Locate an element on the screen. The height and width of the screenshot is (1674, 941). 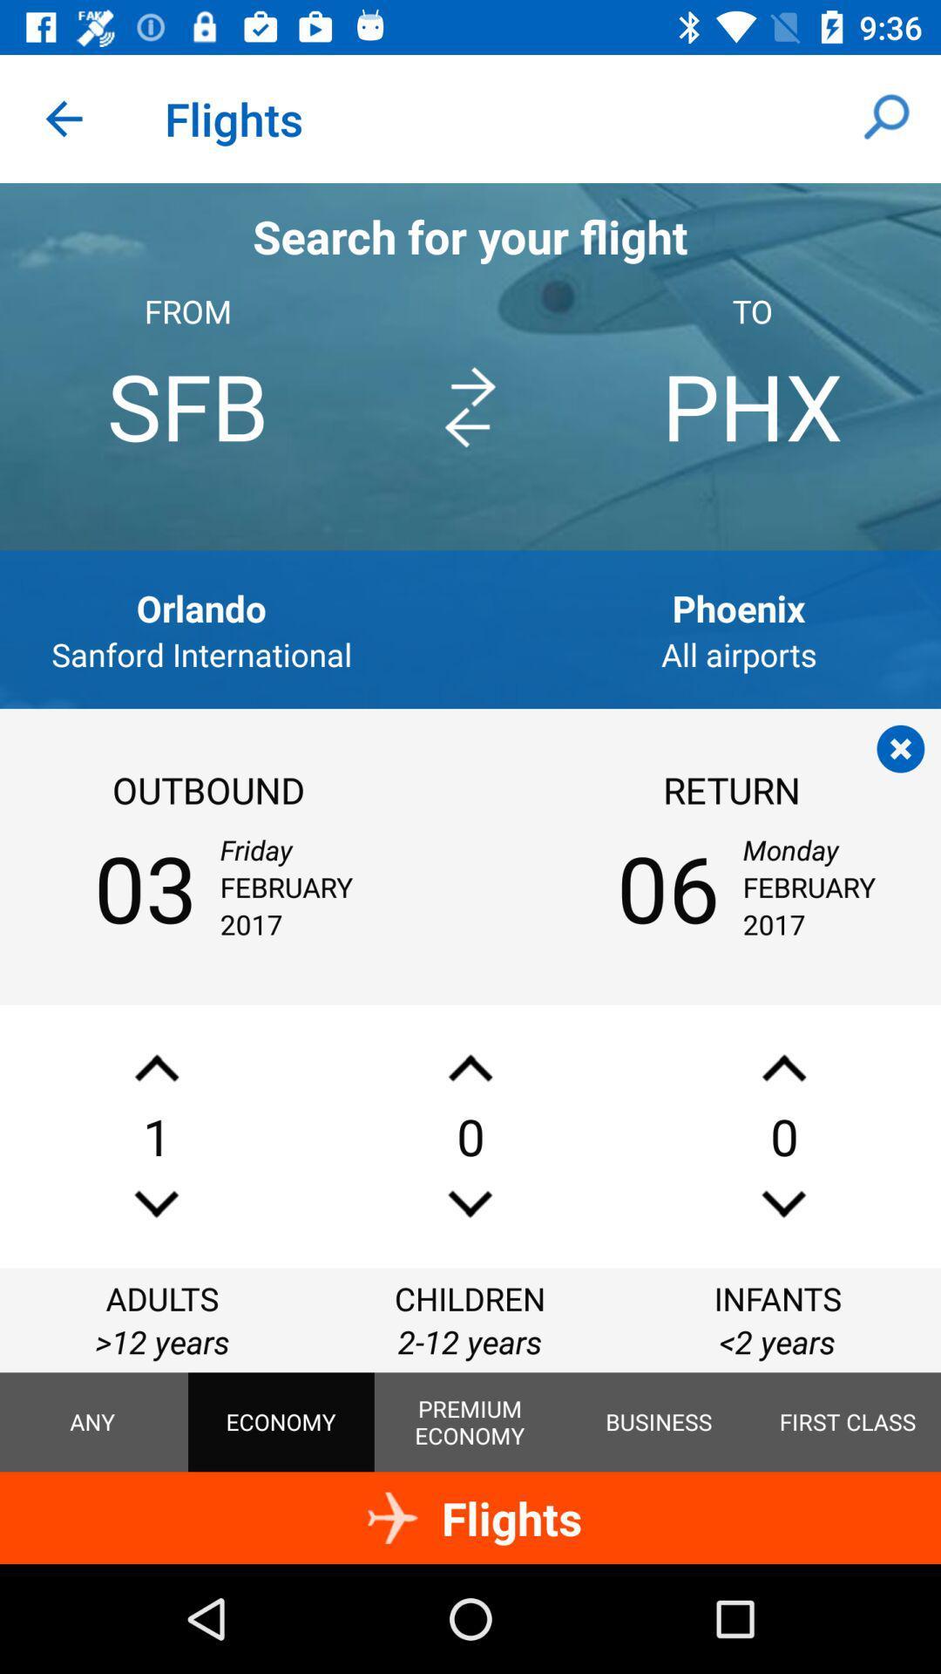
option button is located at coordinates (900, 749).